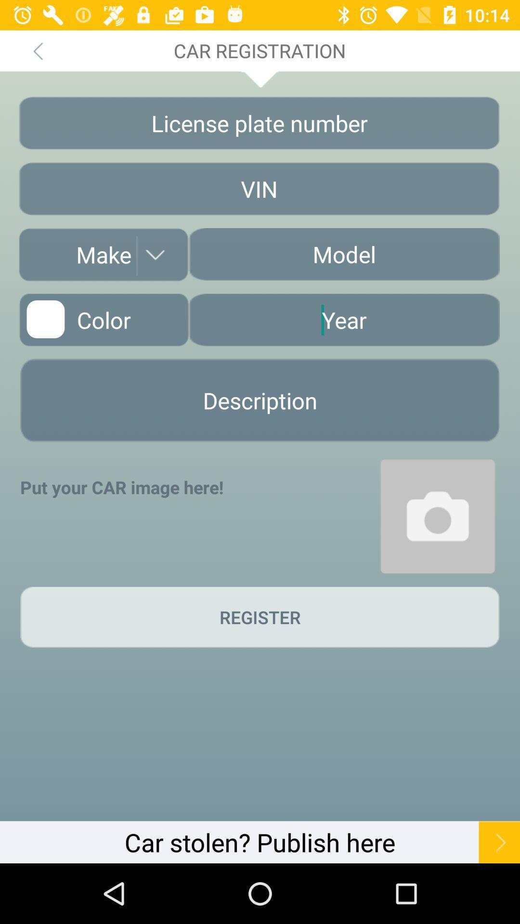 The image size is (520, 924). What do you see at coordinates (260, 400) in the screenshot?
I see `description of vehicle` at bounding box center [260, 400].